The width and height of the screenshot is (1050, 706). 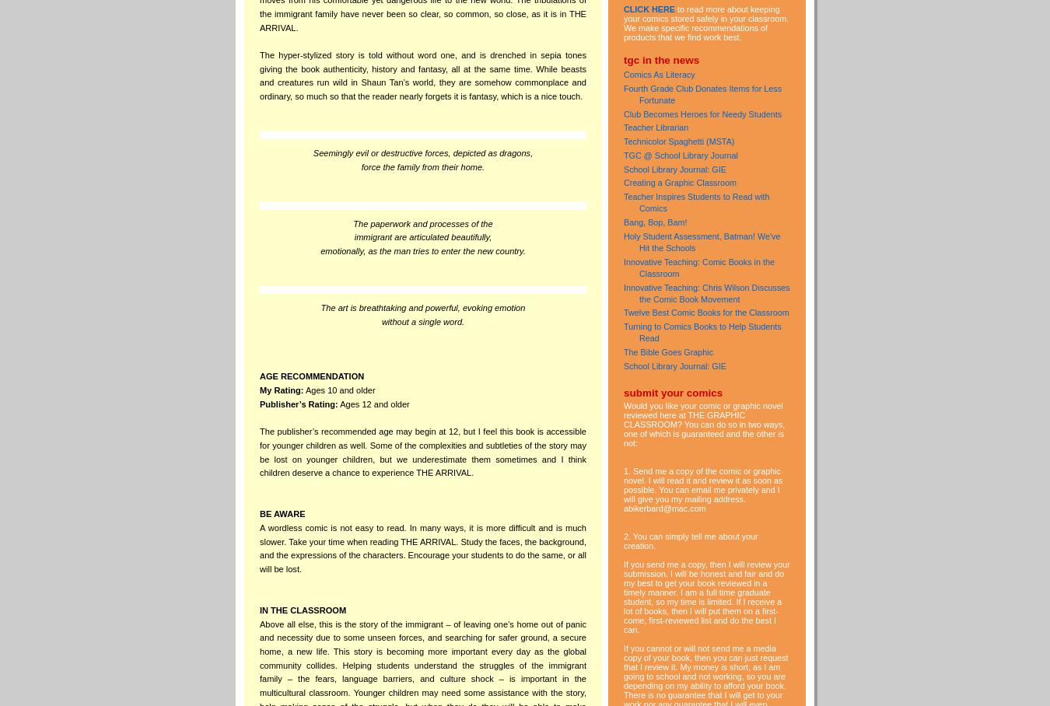 What do you see at coordinates (446, 250) in the screenshot?
I see `'as the man tries to enter the new country.'` at bounding box center [446, 250].